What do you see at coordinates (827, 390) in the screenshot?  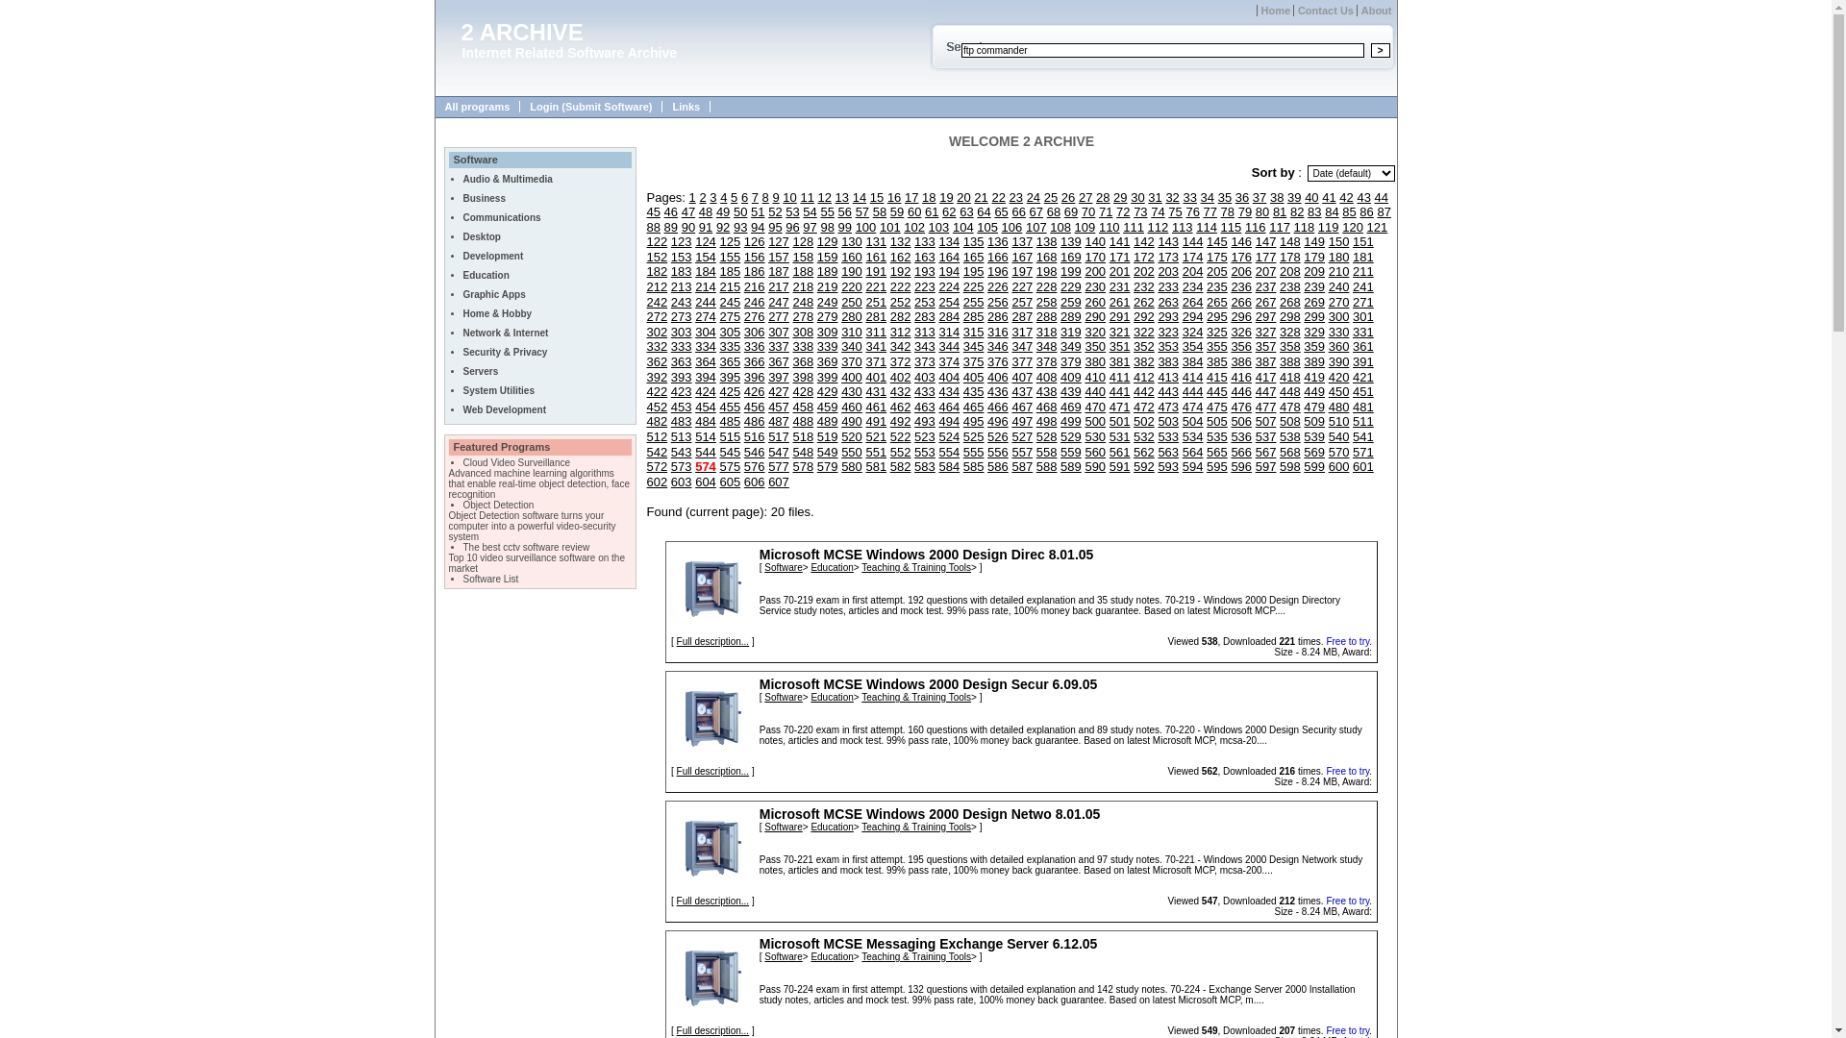 I see `'429'` at bounding box center [827, 390].